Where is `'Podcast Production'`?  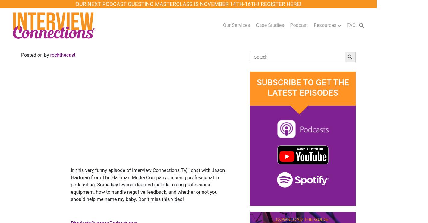
'Podcast Production' is located at coordinates (192, 87).